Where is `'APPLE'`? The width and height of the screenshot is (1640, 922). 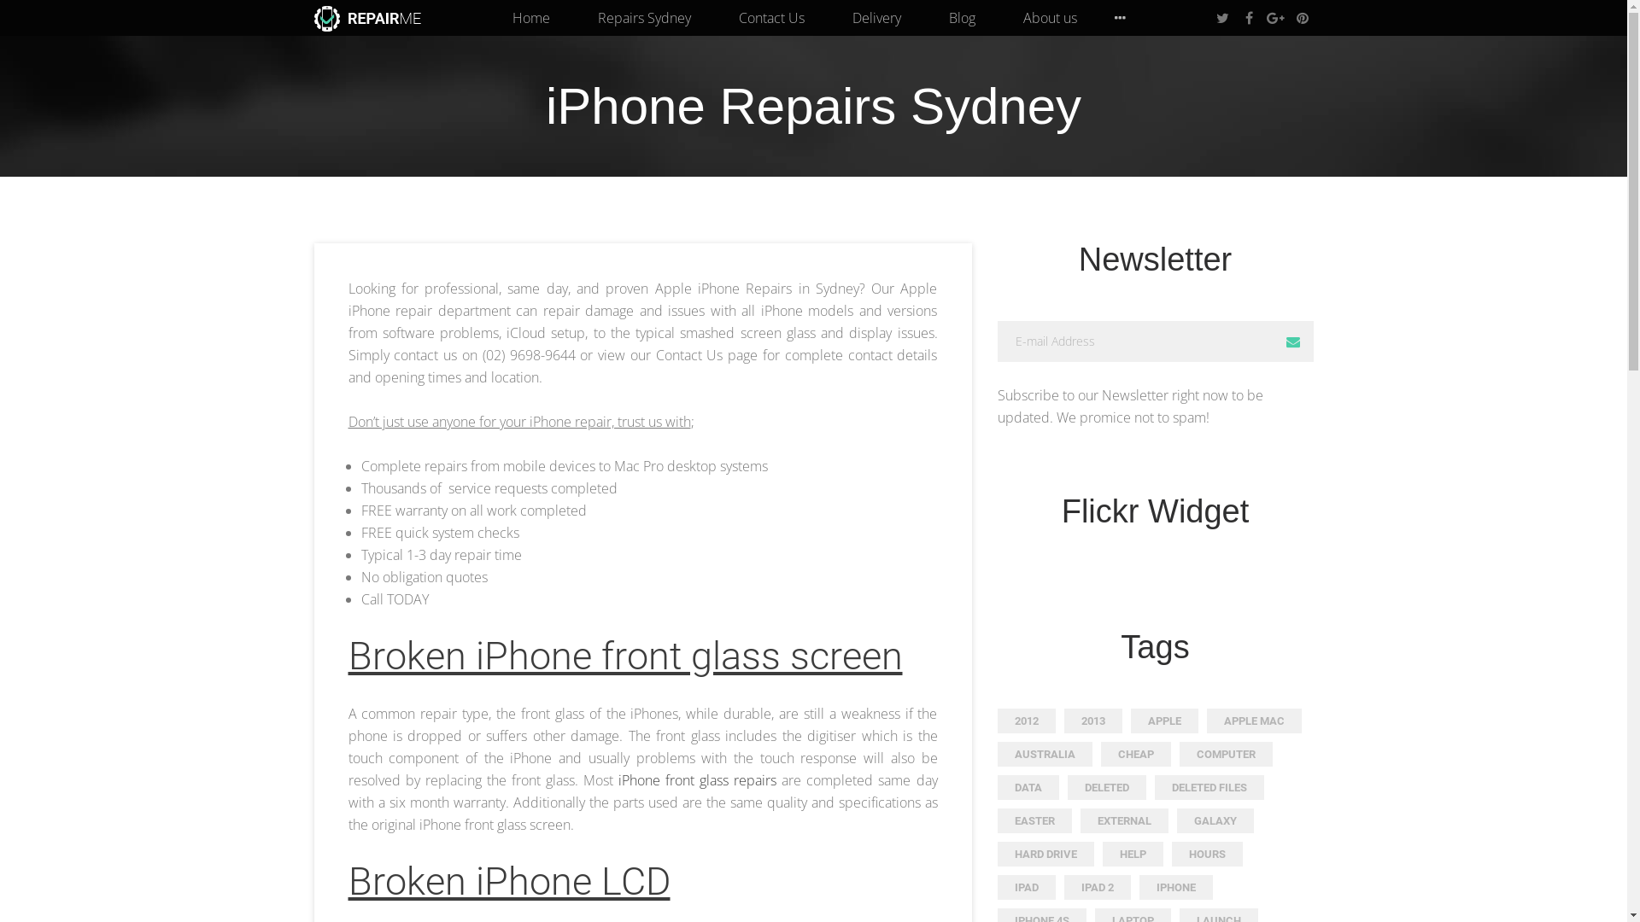
'APPLE' is located at coordinates (1163, 721).